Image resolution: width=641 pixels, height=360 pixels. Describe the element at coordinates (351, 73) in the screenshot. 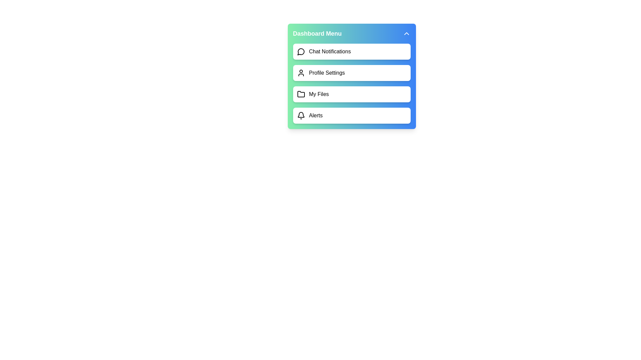

I see `the menu item Profile Settings by clicking on it` at that location.